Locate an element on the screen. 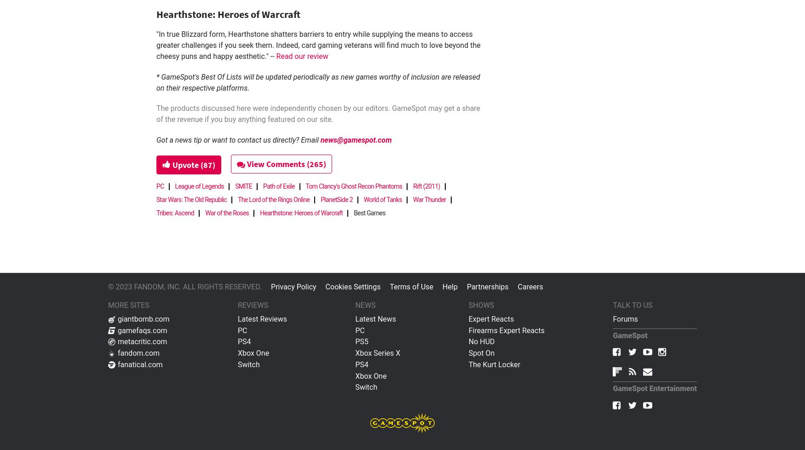 This screenshot has width=805, height=450. 'Spot On' is located at coordinates (481, 352).